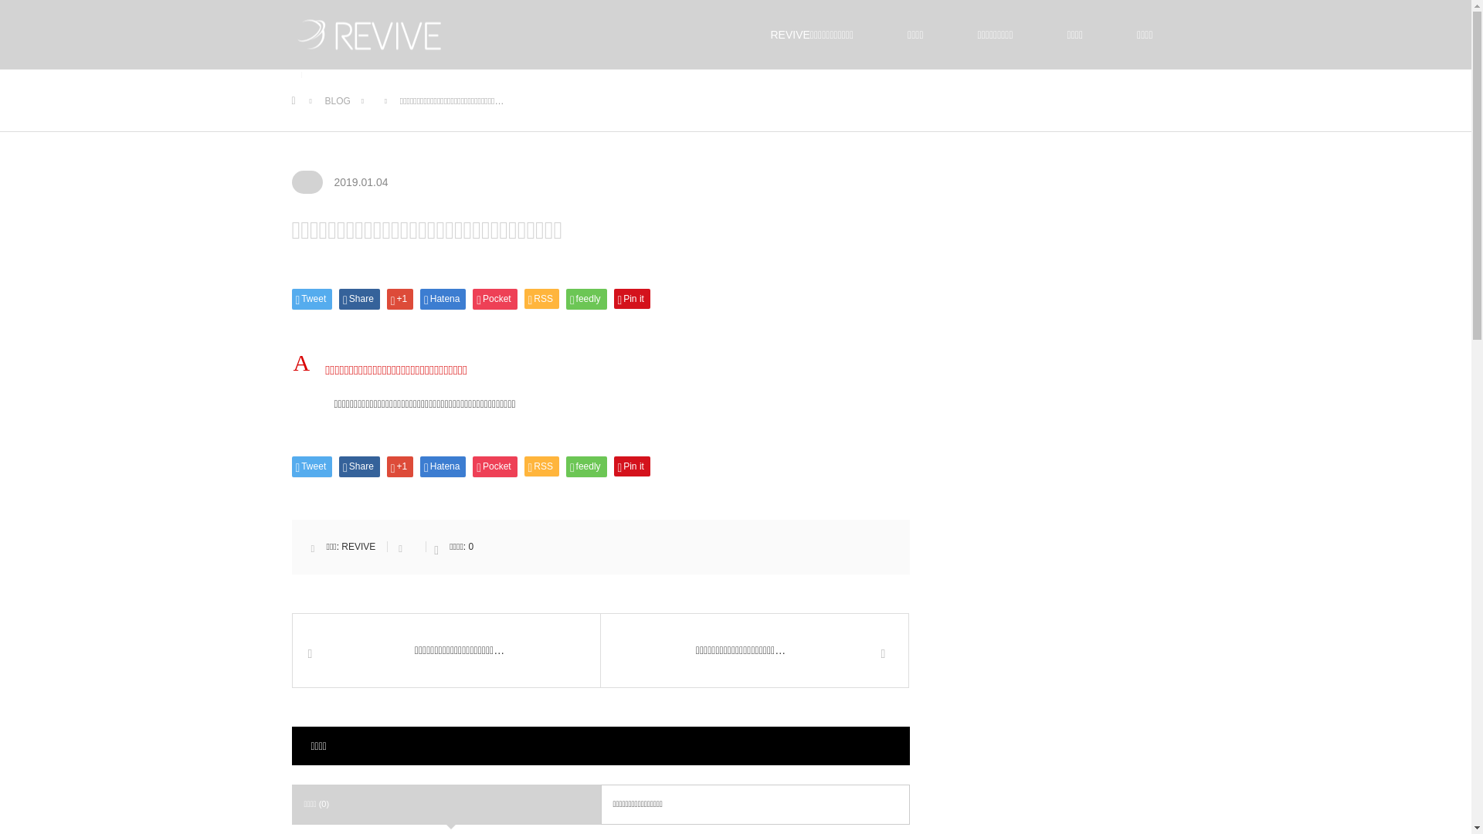 This screenshot has height=834, width=1483. What do you see at coordinates (541, 466) in the screenshot?
I see `'RSS'` at bounding box center [541, 466].